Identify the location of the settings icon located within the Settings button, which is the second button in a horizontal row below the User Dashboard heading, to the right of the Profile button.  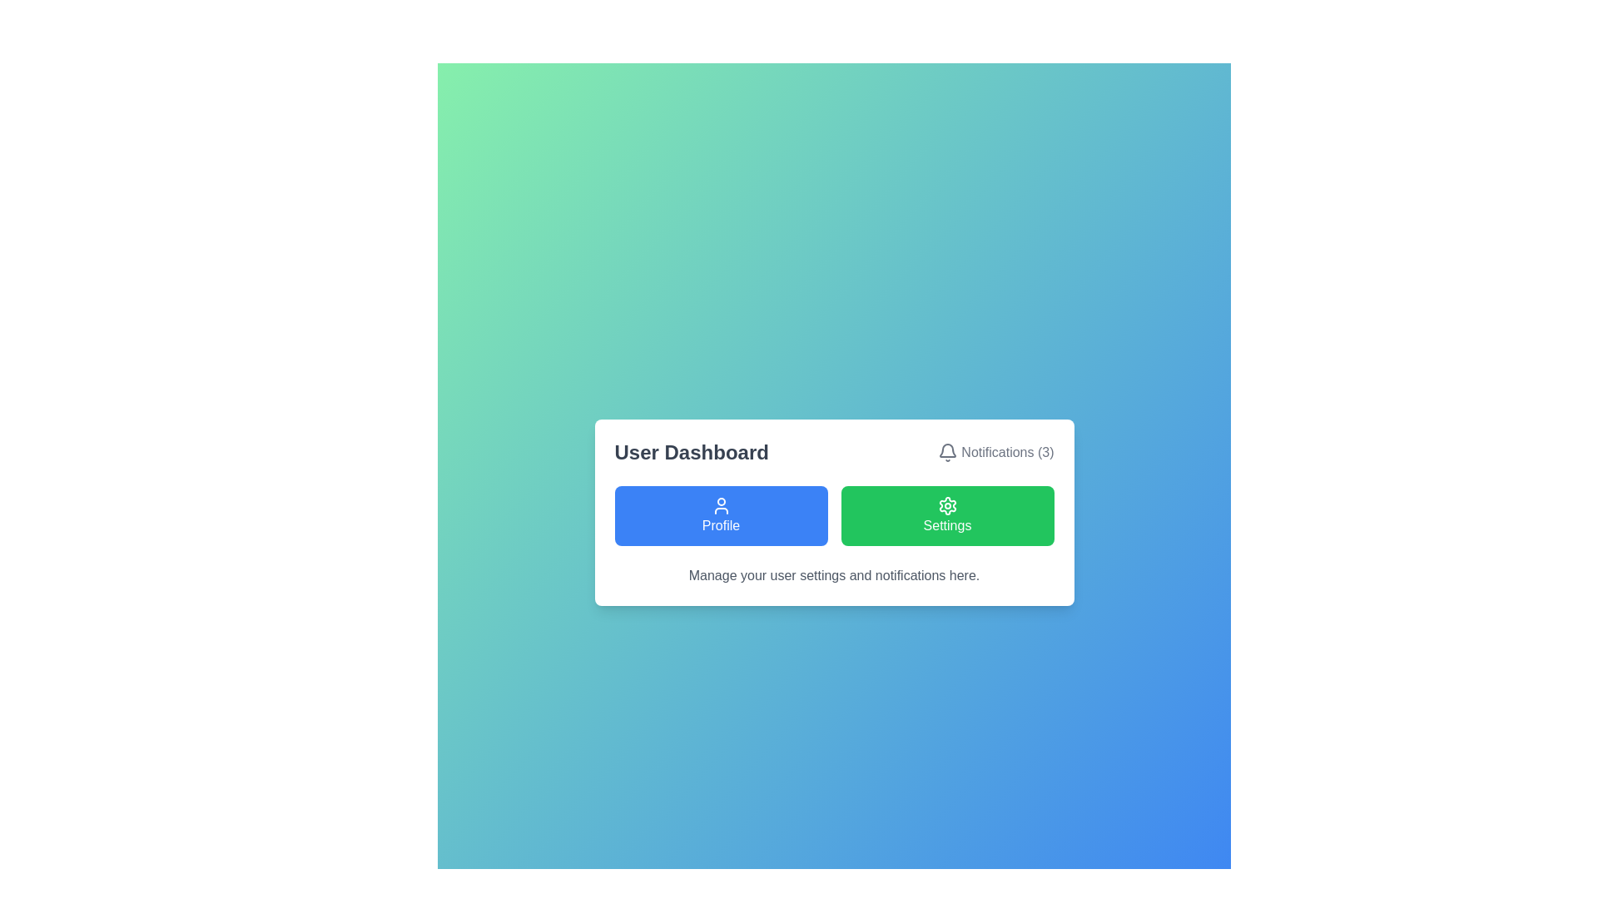
(947, 505).